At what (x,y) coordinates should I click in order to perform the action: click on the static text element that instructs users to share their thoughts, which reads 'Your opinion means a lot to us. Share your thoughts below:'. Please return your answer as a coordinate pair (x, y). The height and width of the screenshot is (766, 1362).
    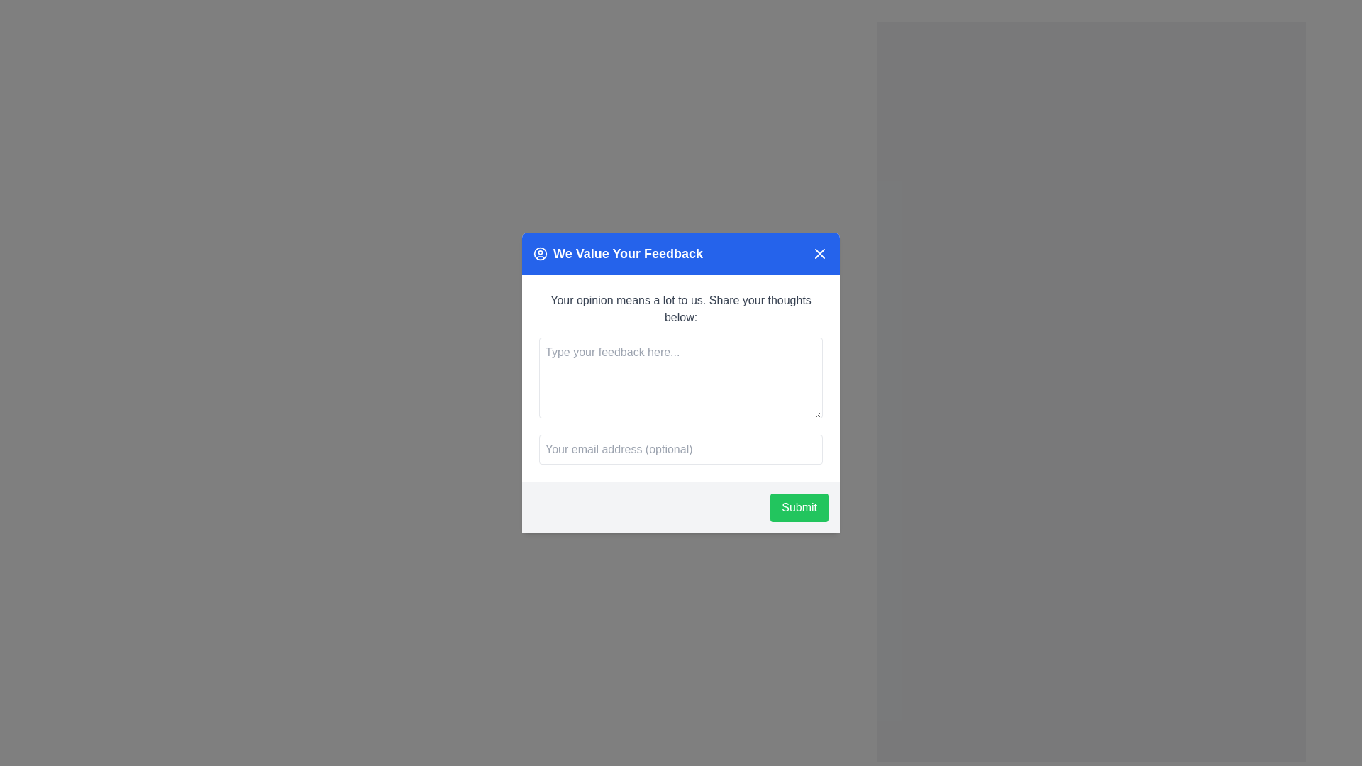
    Looking at the image, I should click on (681, 308).